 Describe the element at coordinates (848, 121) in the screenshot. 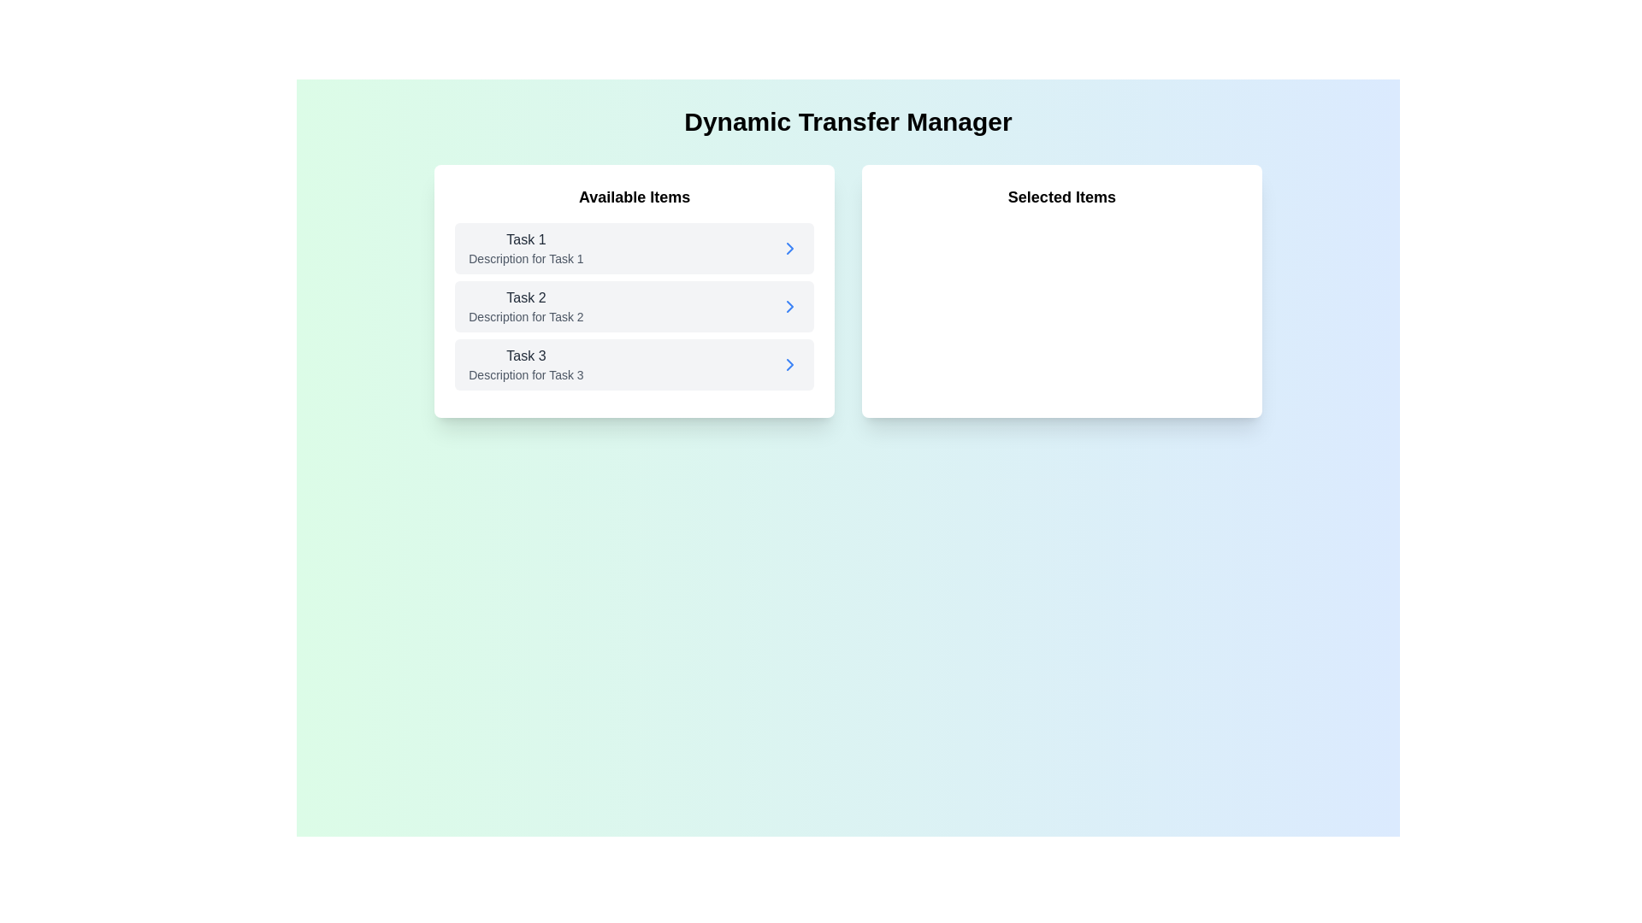

I see `the Text Label that serves as the title or header for the interface, located at the top center above the Available Items and Selected Items sections` at that location.